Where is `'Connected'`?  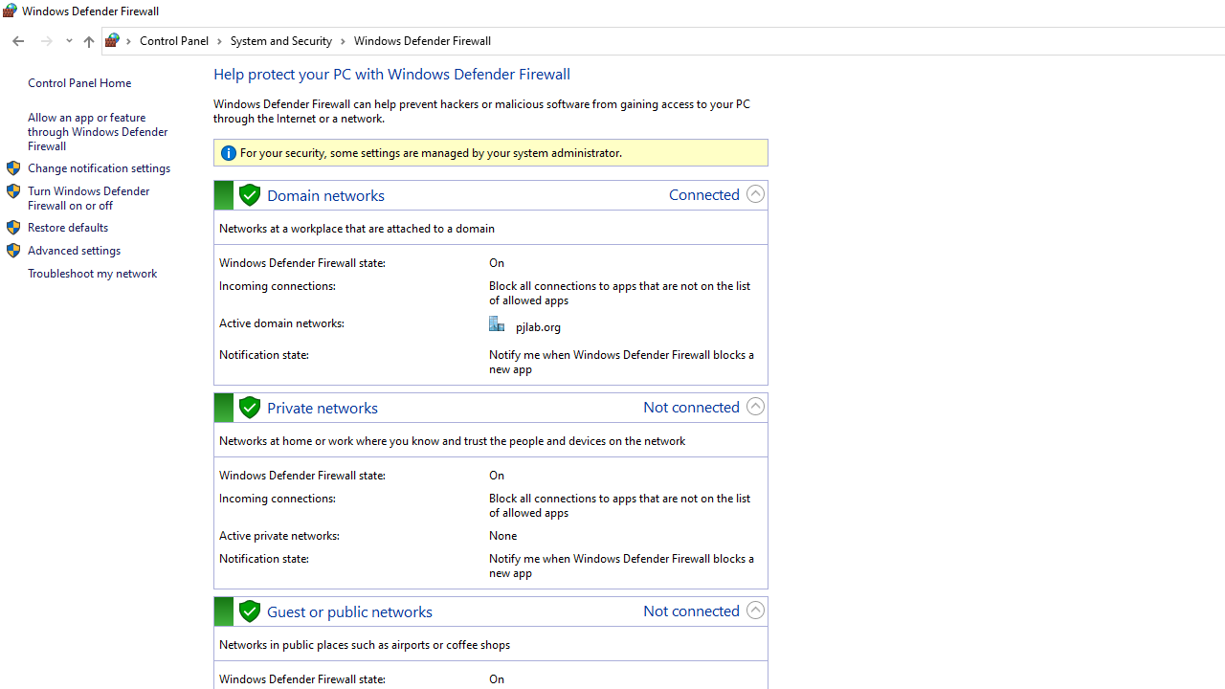
'Connected' is located at coordinates (703, 193).